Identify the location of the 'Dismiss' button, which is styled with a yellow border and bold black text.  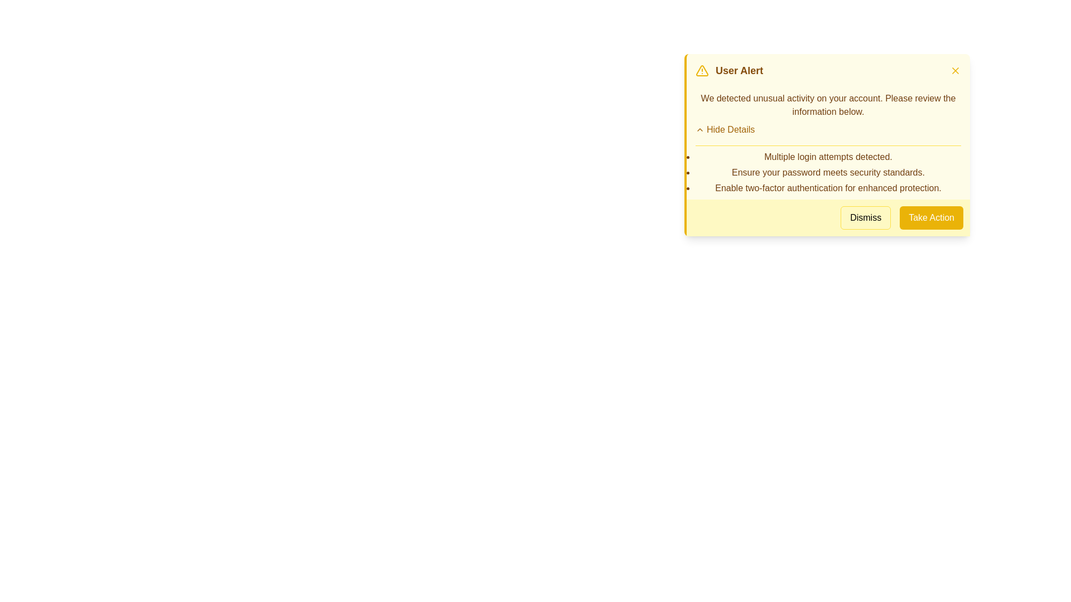
(865, 217).